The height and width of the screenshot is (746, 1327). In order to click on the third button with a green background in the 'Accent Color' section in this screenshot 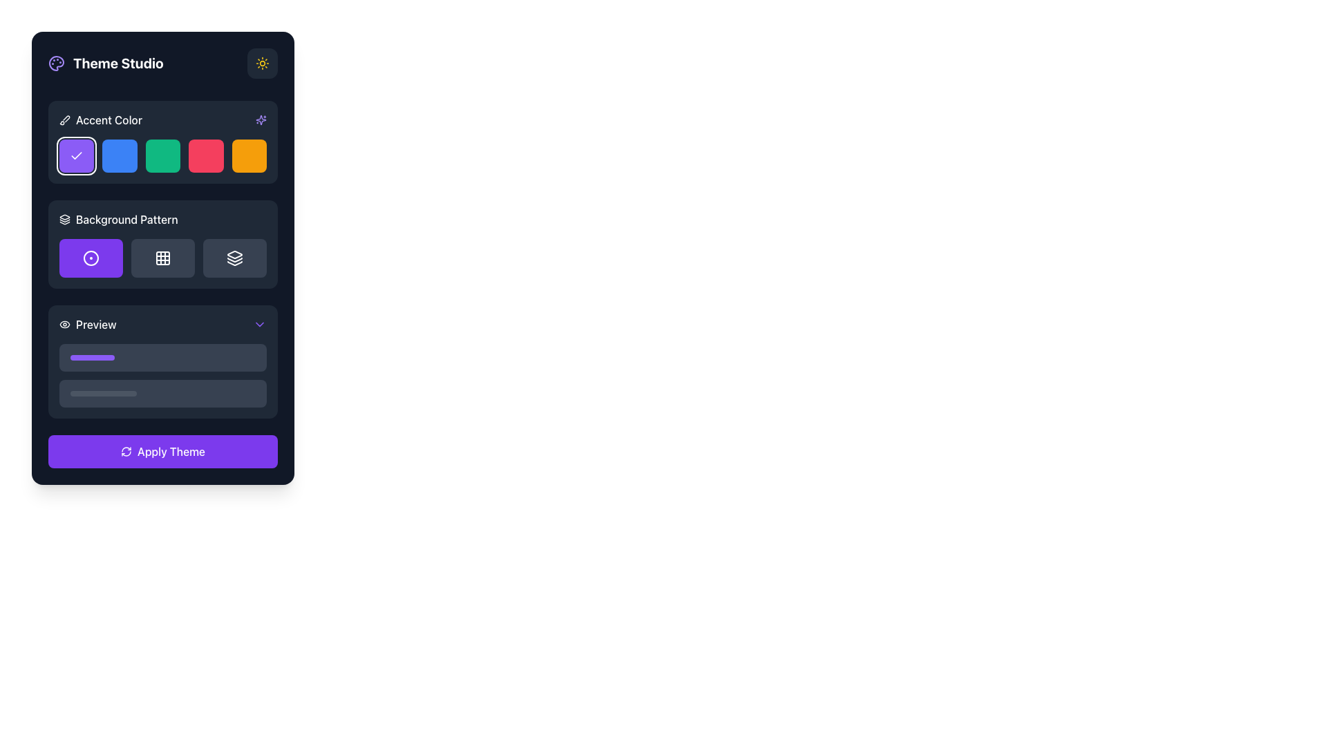, I will do `click(162, 155)`.